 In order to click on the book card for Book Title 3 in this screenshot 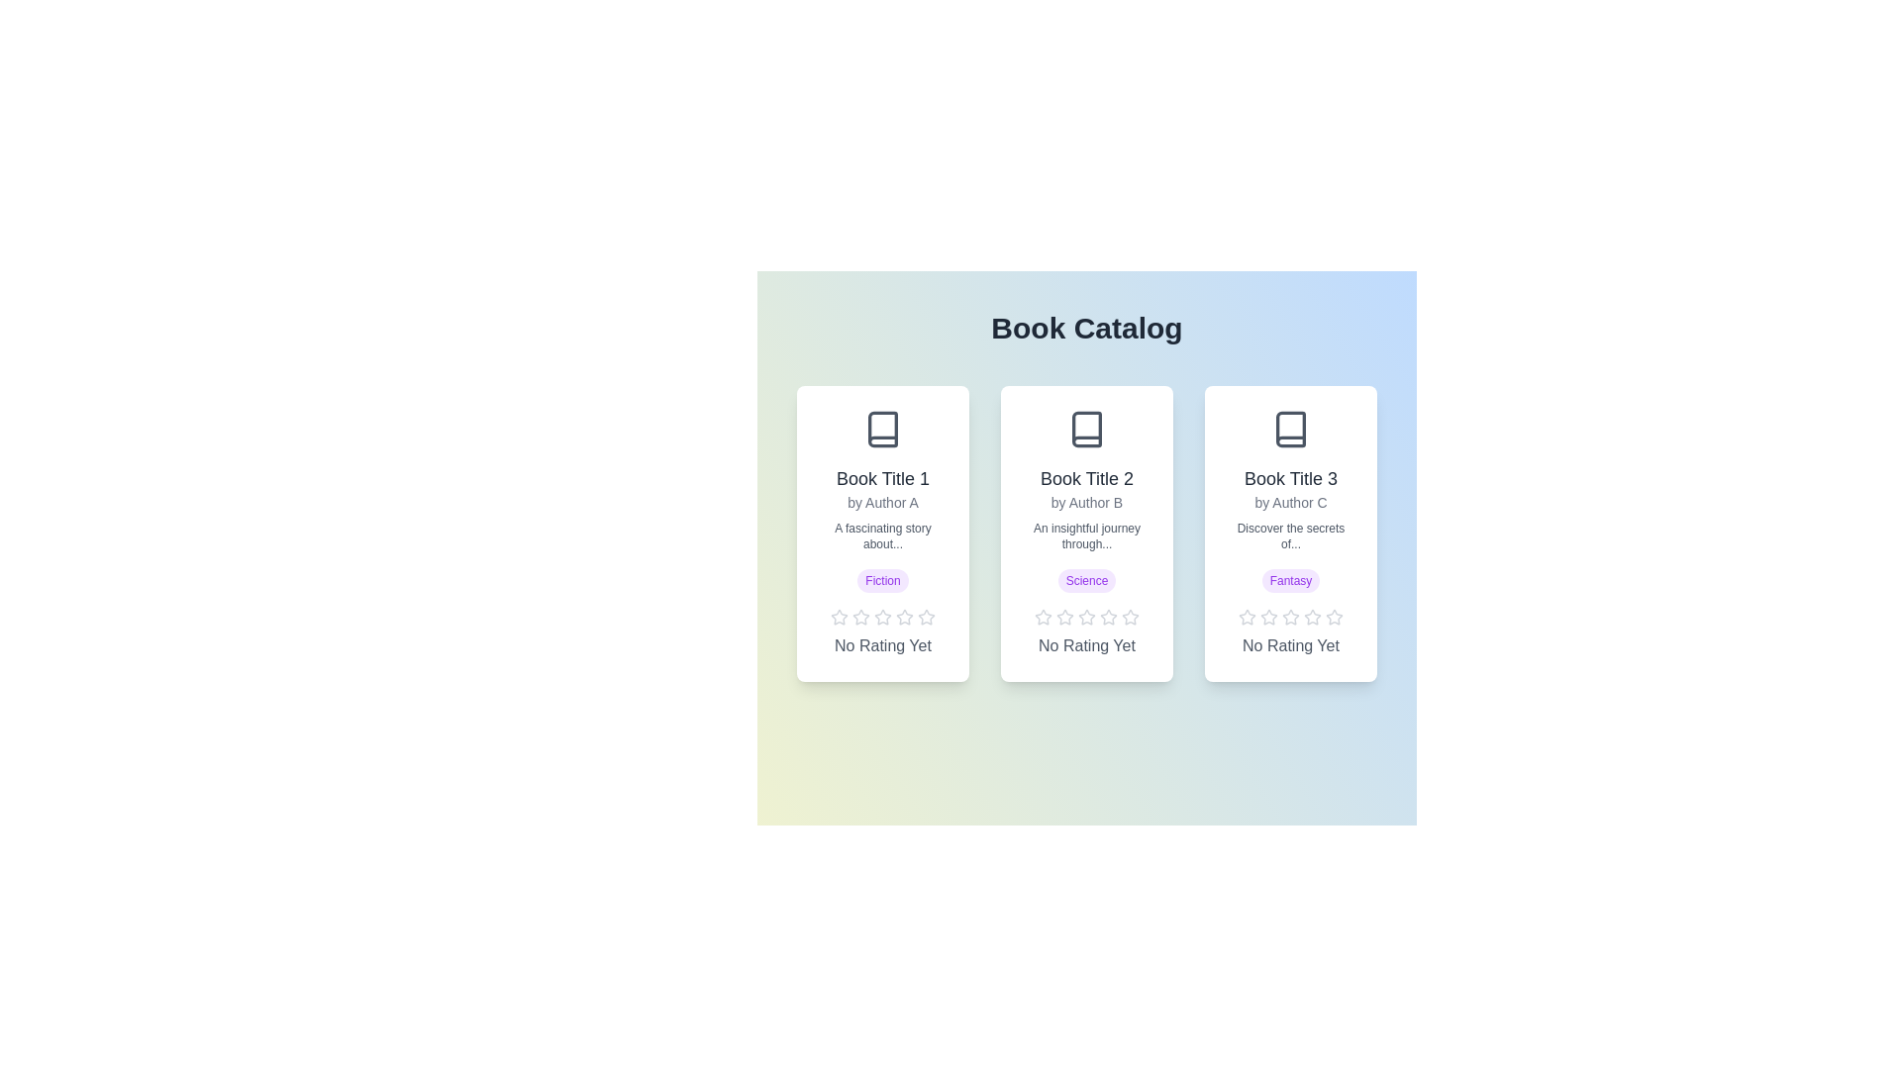, I will do `click(1291, 533)`.